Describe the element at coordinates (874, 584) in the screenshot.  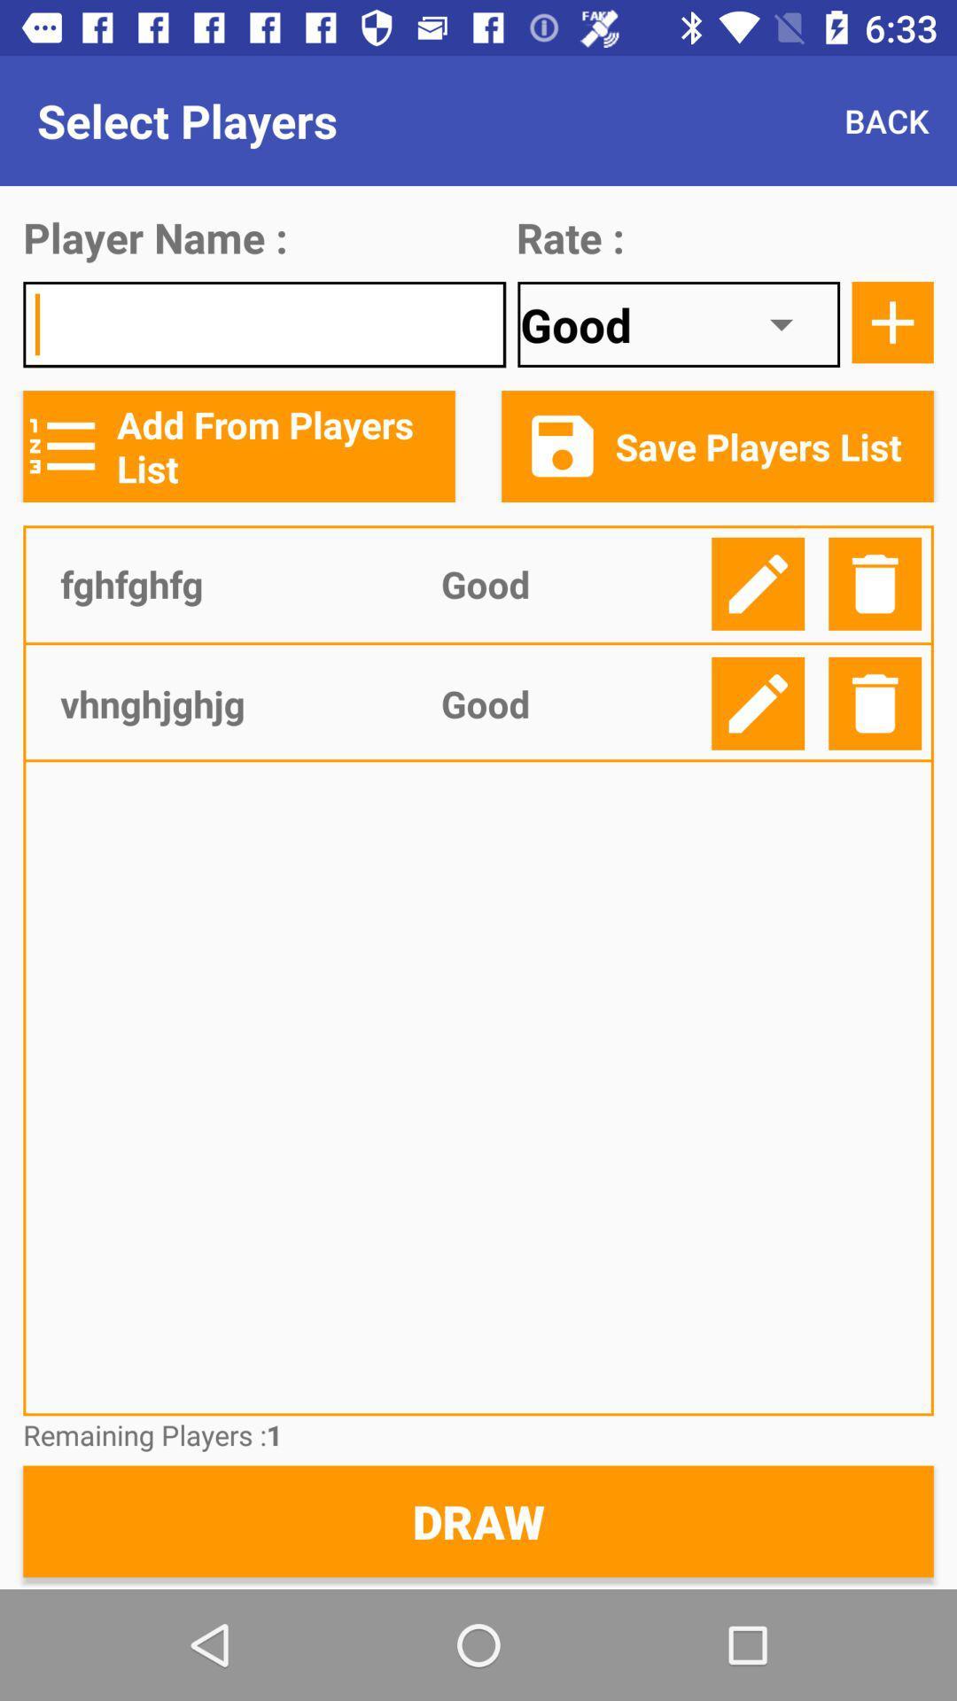
I see `delete` at that location.